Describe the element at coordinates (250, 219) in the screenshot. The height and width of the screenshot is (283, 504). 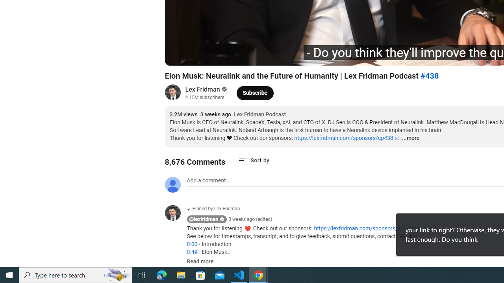
I see `'3 weeks ago (edited)'` at that location.